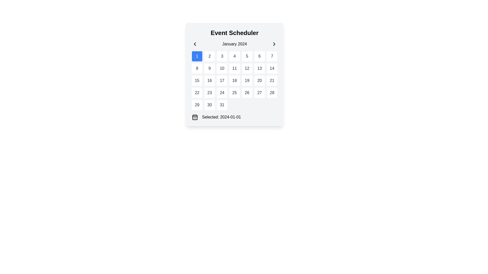 The image size is (488, 274). I want to click on the Date cell representing the day '16' in the calendar grid, so click(209, 80).